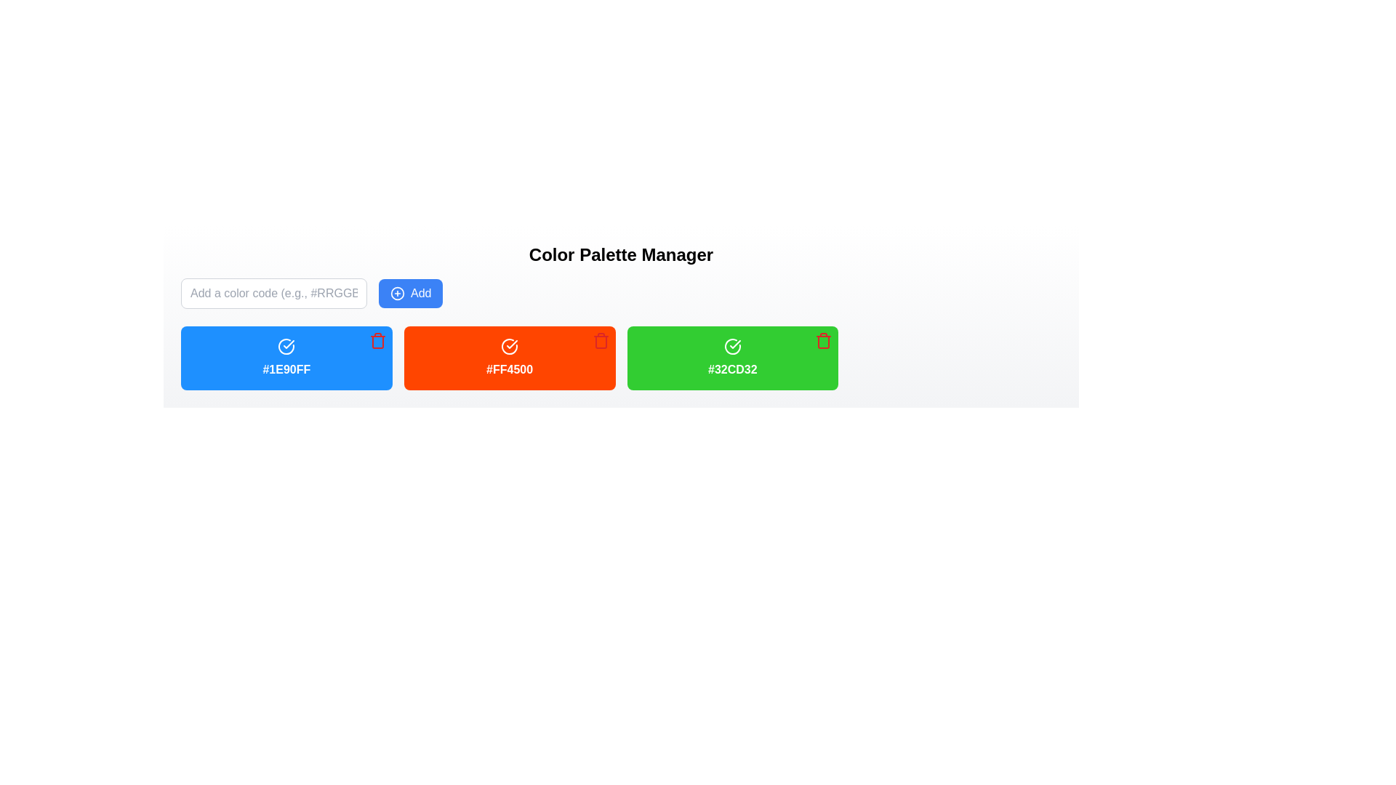  I want to click on the decorative element that visually represents the functionality of the green button, located as the third button in a row below the 'Color Palette Manager' header, so click(732, 347).